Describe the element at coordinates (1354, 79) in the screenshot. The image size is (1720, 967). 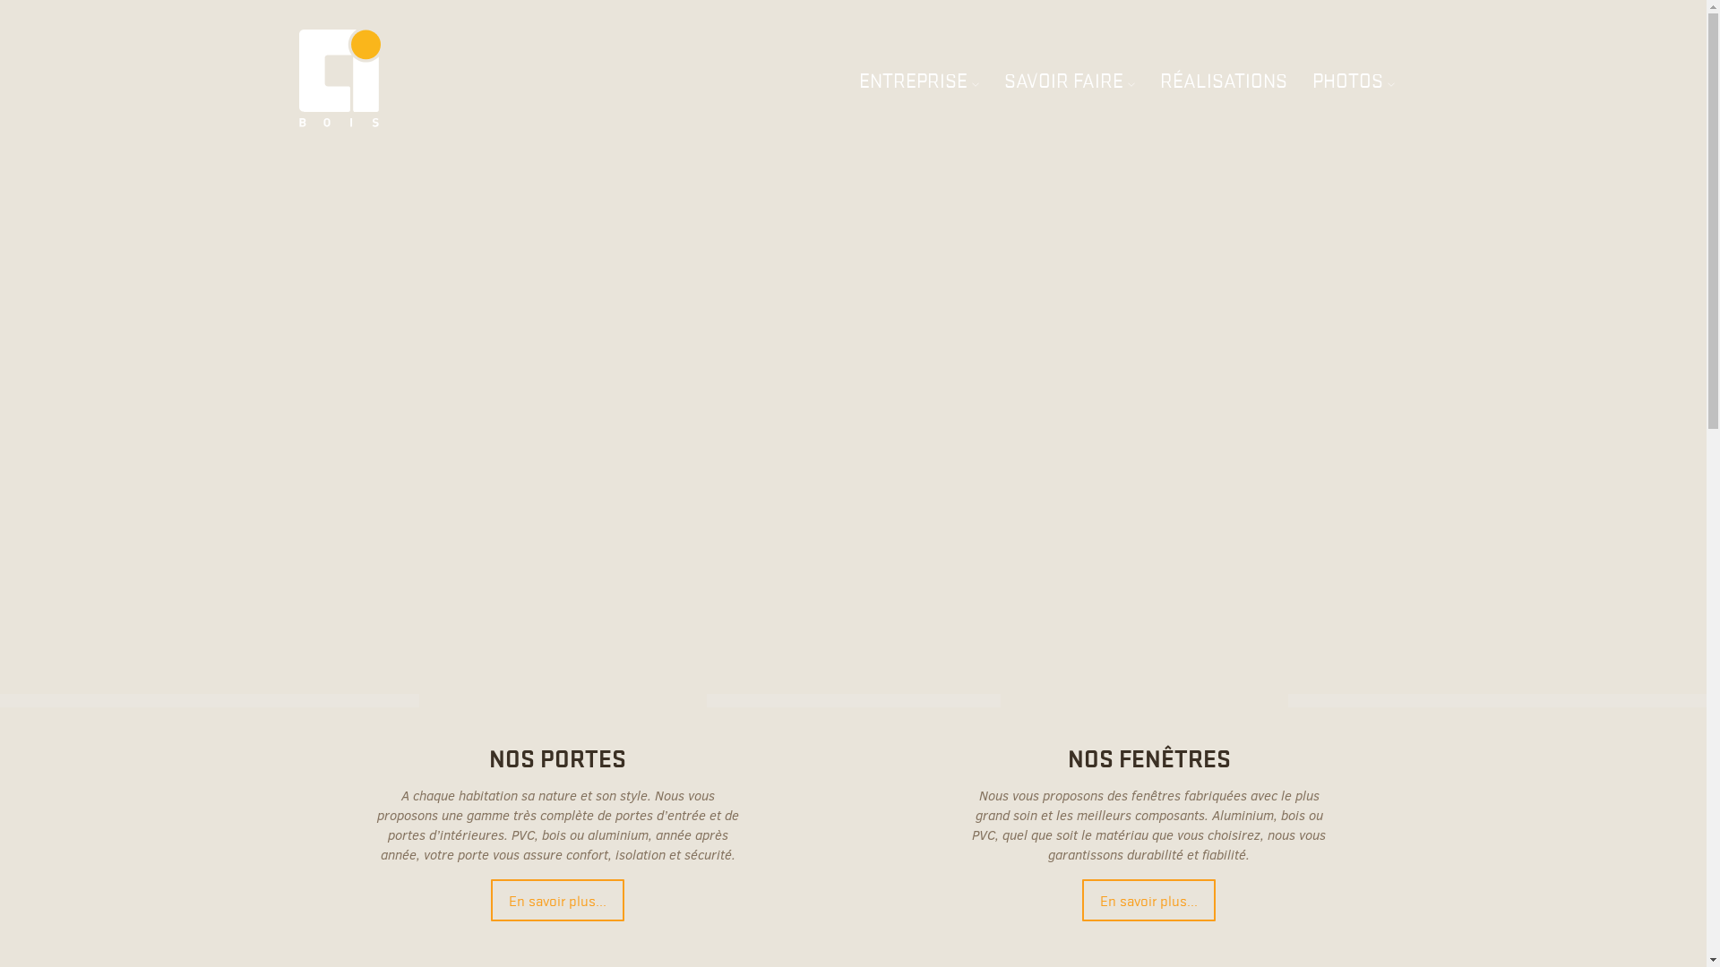
I see `'PHOTOS'` at that location.